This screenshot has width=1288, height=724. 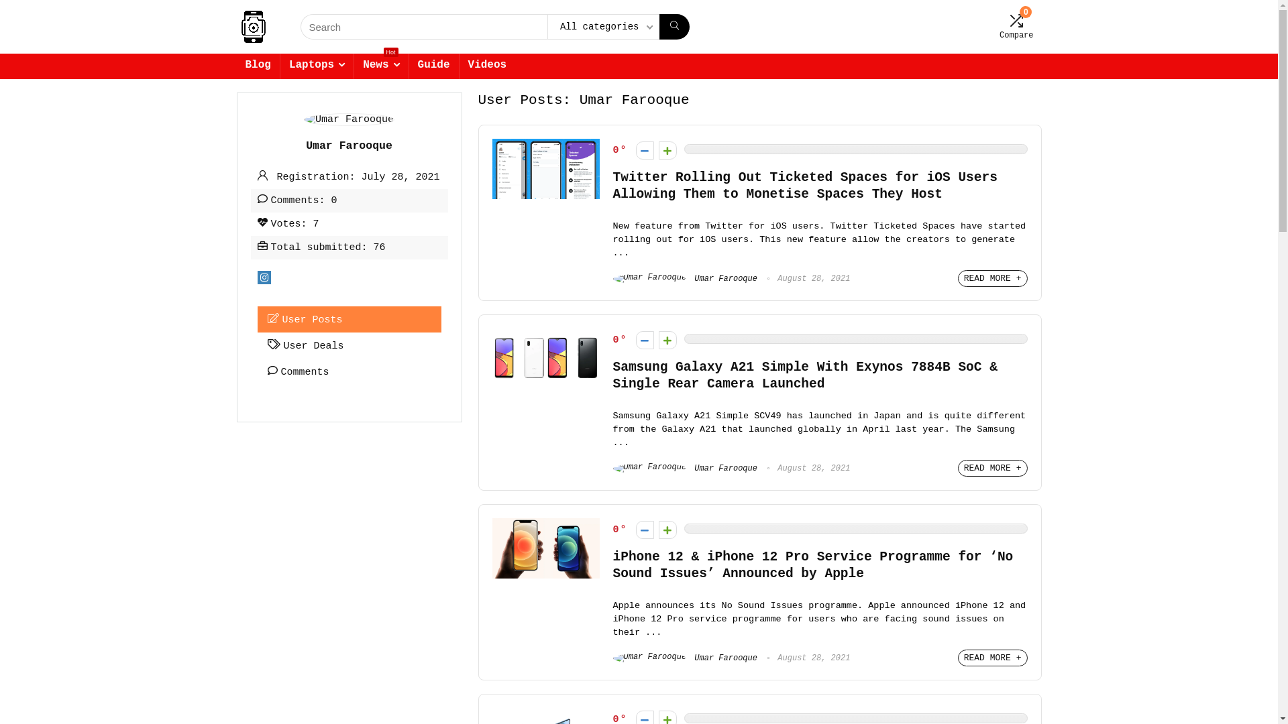 What do you see at coordinates (408, 66) in the screenshot?
I see `'Guide'` at bounding box center [408, 66].